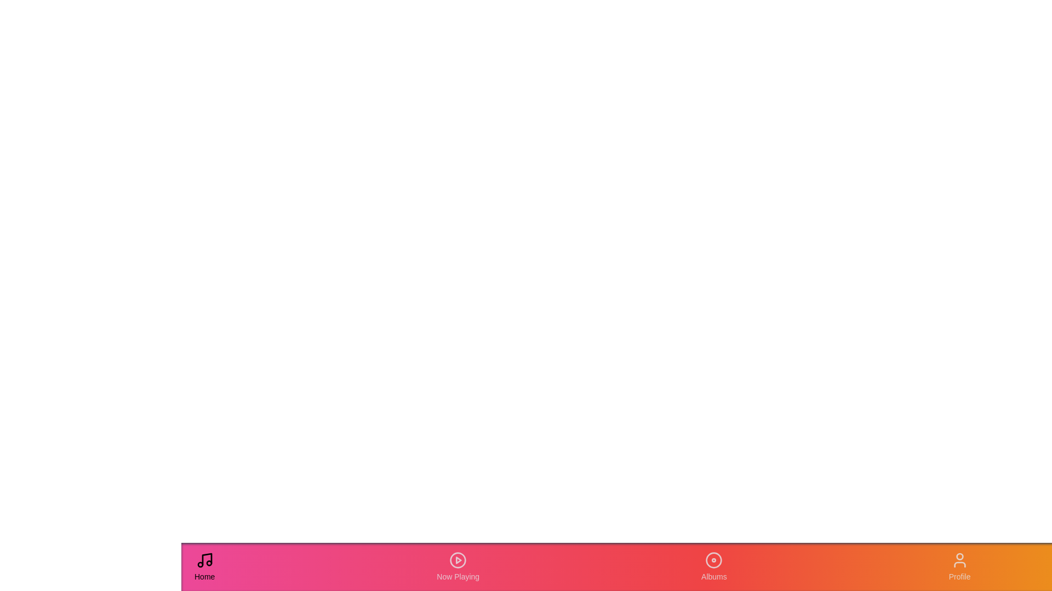  I want to click on the Now Playing tab in the navigation bar, so click(458, 566).